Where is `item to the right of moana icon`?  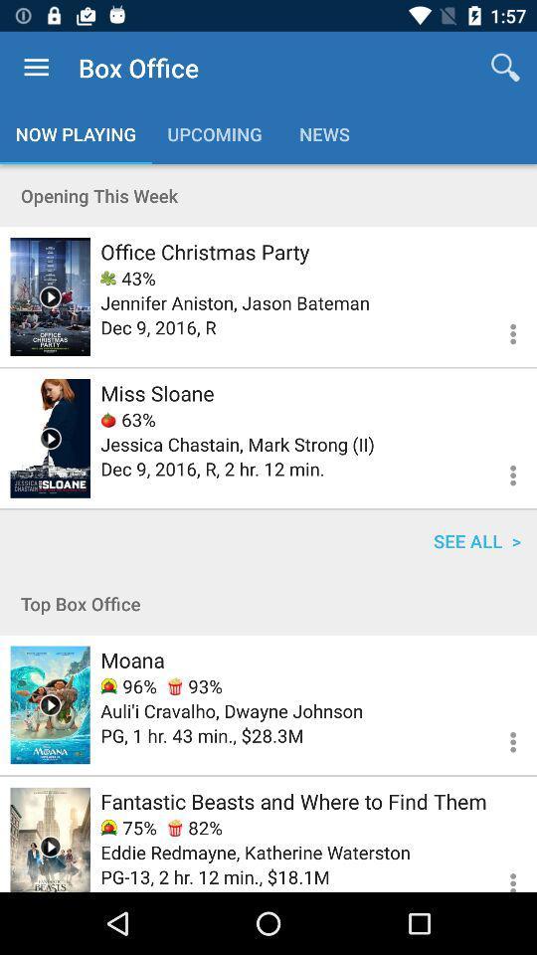
item to the right of moana icon is located at coordinates (195, 686).